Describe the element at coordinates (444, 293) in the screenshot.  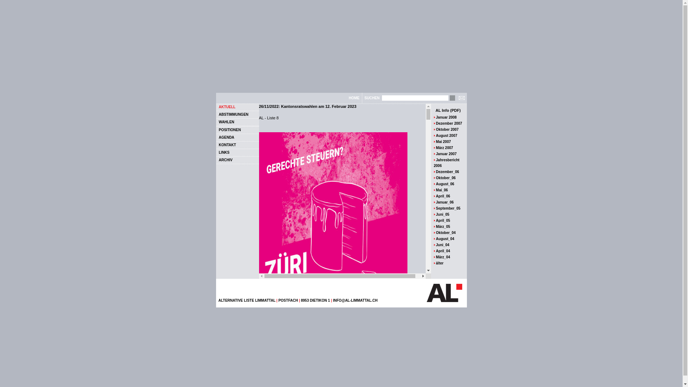
I see `'Alternative Liste'` at that location.